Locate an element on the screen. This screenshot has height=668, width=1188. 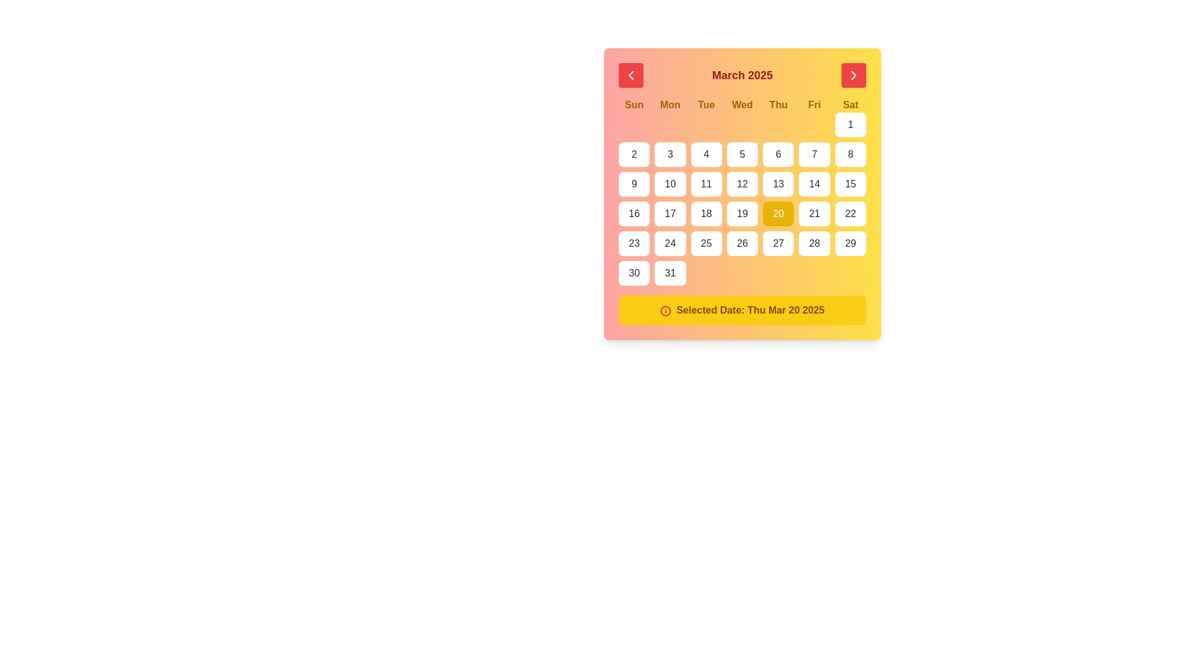
the label group displaying the weekday names located beneath the month header 'March 2025' in the calendar UI to interact with surrounding cells is located at coordinates (742, 104).